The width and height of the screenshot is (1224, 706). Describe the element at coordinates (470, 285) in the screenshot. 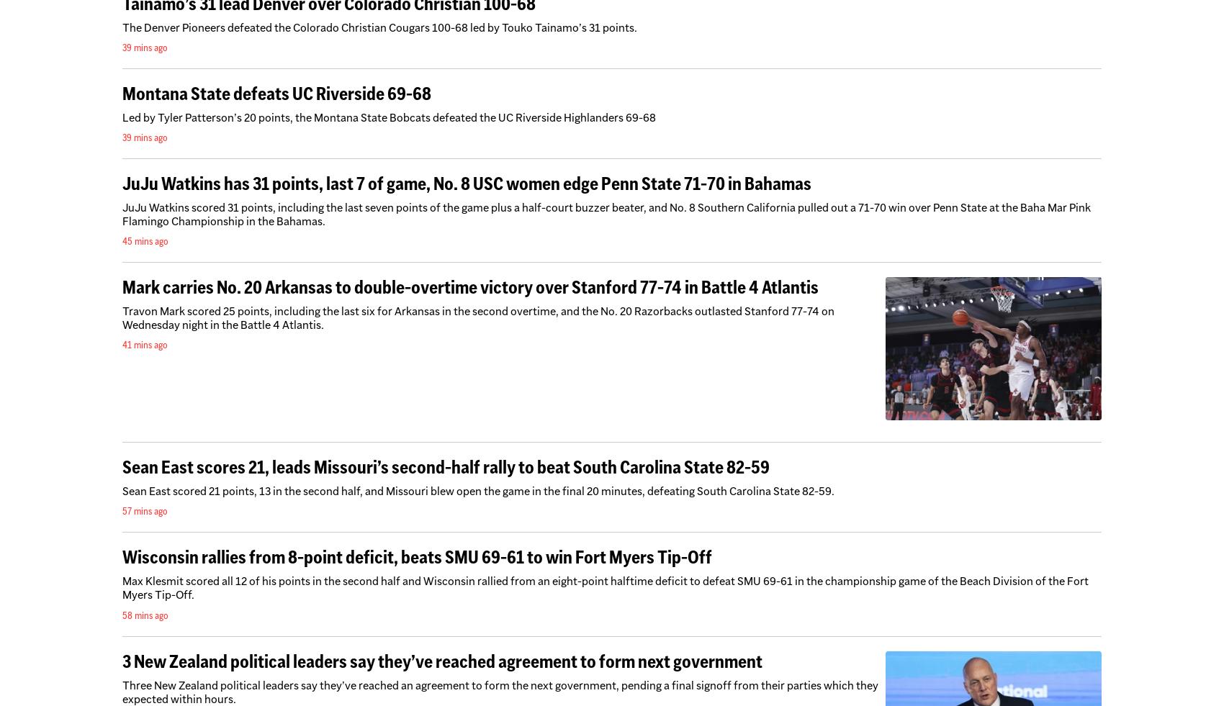

I see `'Mark carries No. 20 Arkansas to double-overtime victory over Stanford 77-74 in Battle 4 Atlantis'` at that location.